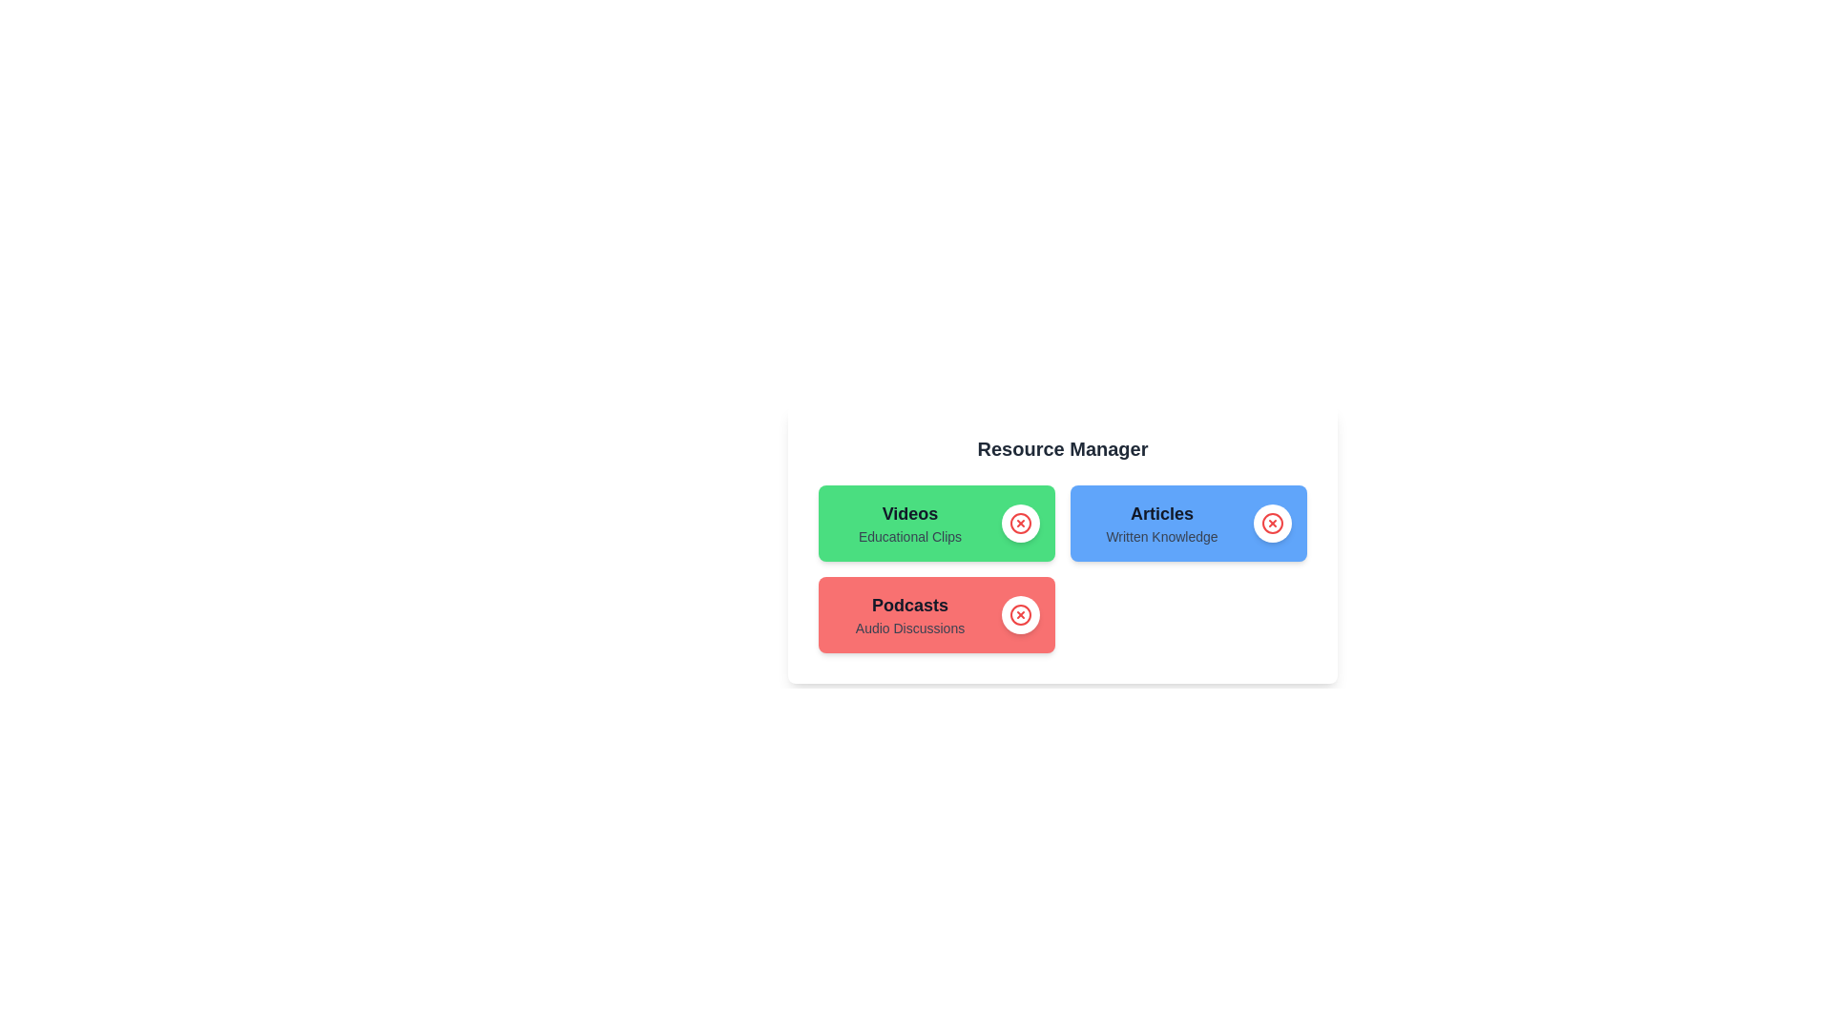 The width and height of the screenshot is (1832, 1030). Describe the element at coordinates (1273, 523) in the screenshot. I see `close button of the chip labeled Articles to remove it` at that location.